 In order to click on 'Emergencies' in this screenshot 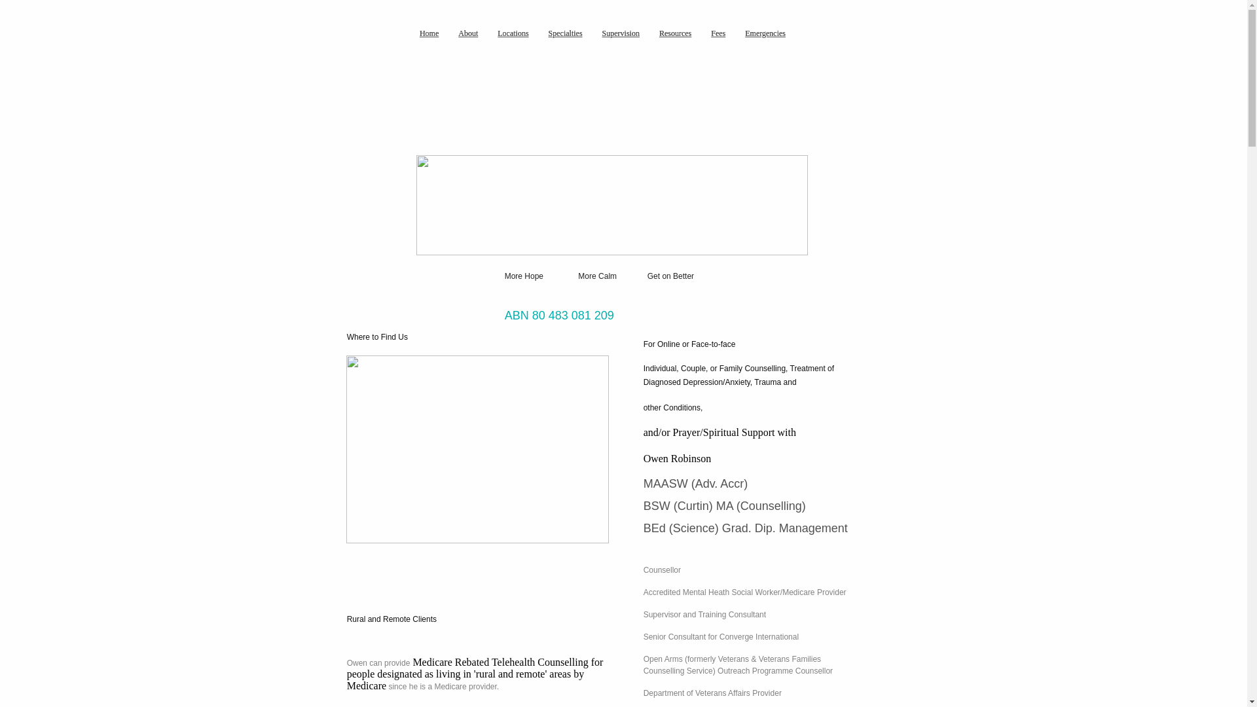, I will do `click(765, 32)`.